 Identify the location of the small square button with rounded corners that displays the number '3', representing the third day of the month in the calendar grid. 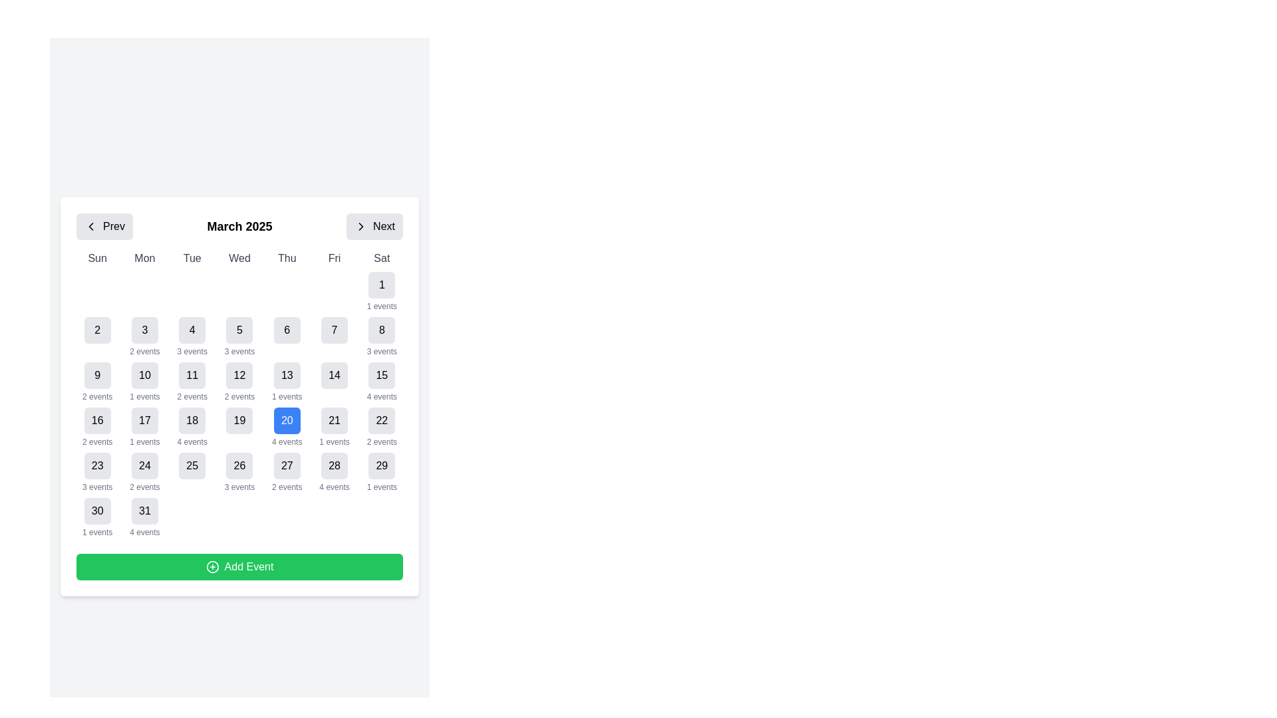
(144, 330).